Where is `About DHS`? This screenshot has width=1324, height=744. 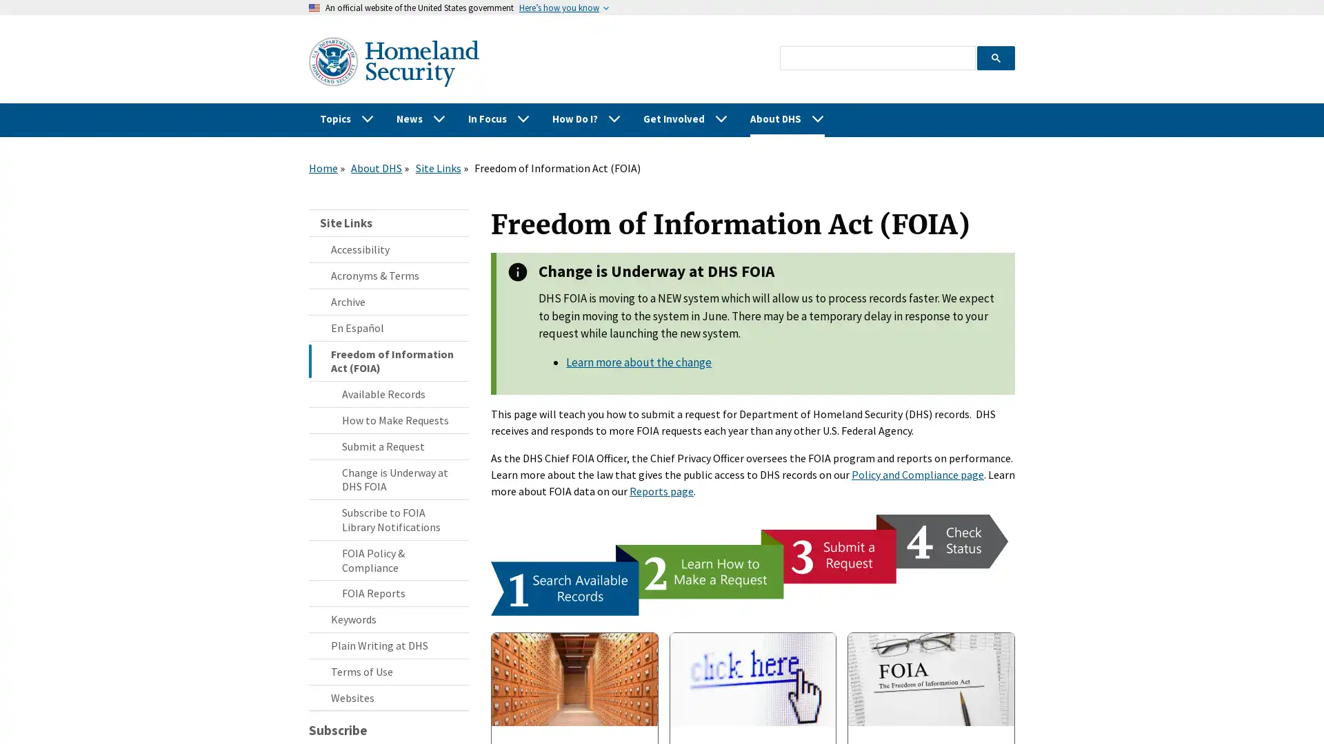
About DHS is located at coordinates (788, 118).